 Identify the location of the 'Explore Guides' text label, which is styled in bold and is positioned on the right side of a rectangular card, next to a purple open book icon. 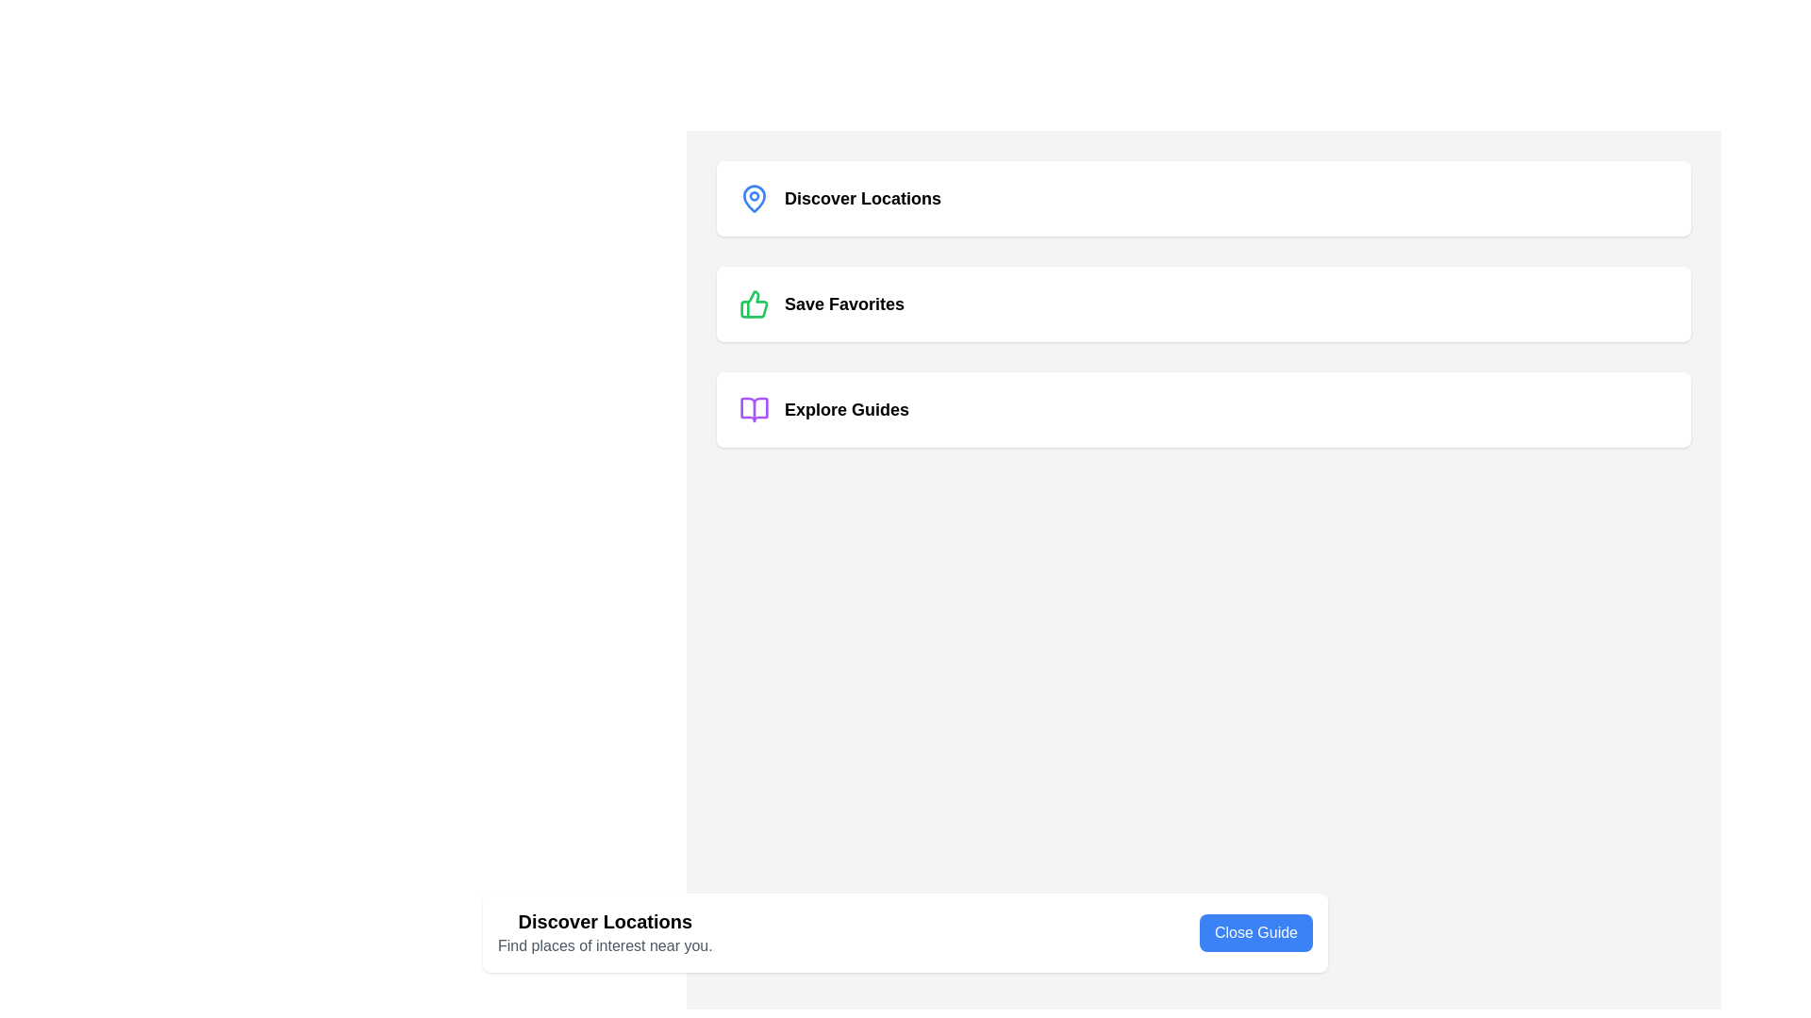
(845, 409).